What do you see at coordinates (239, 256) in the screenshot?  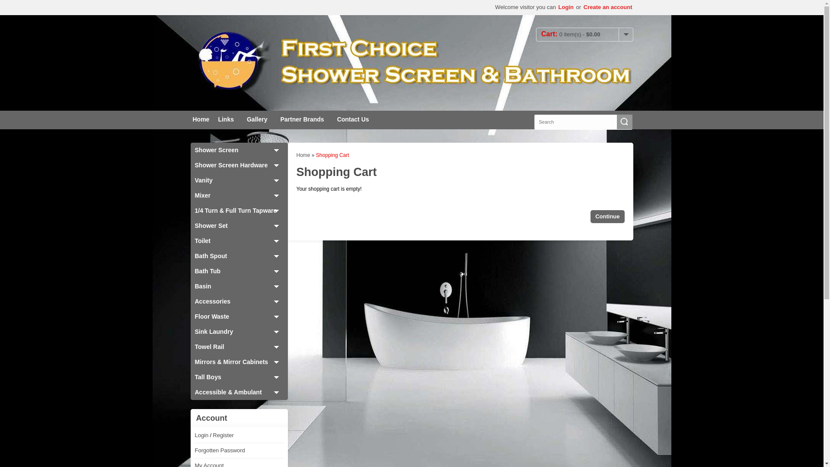 I see `'Bath Spout'` at bounding box center [239, 256].